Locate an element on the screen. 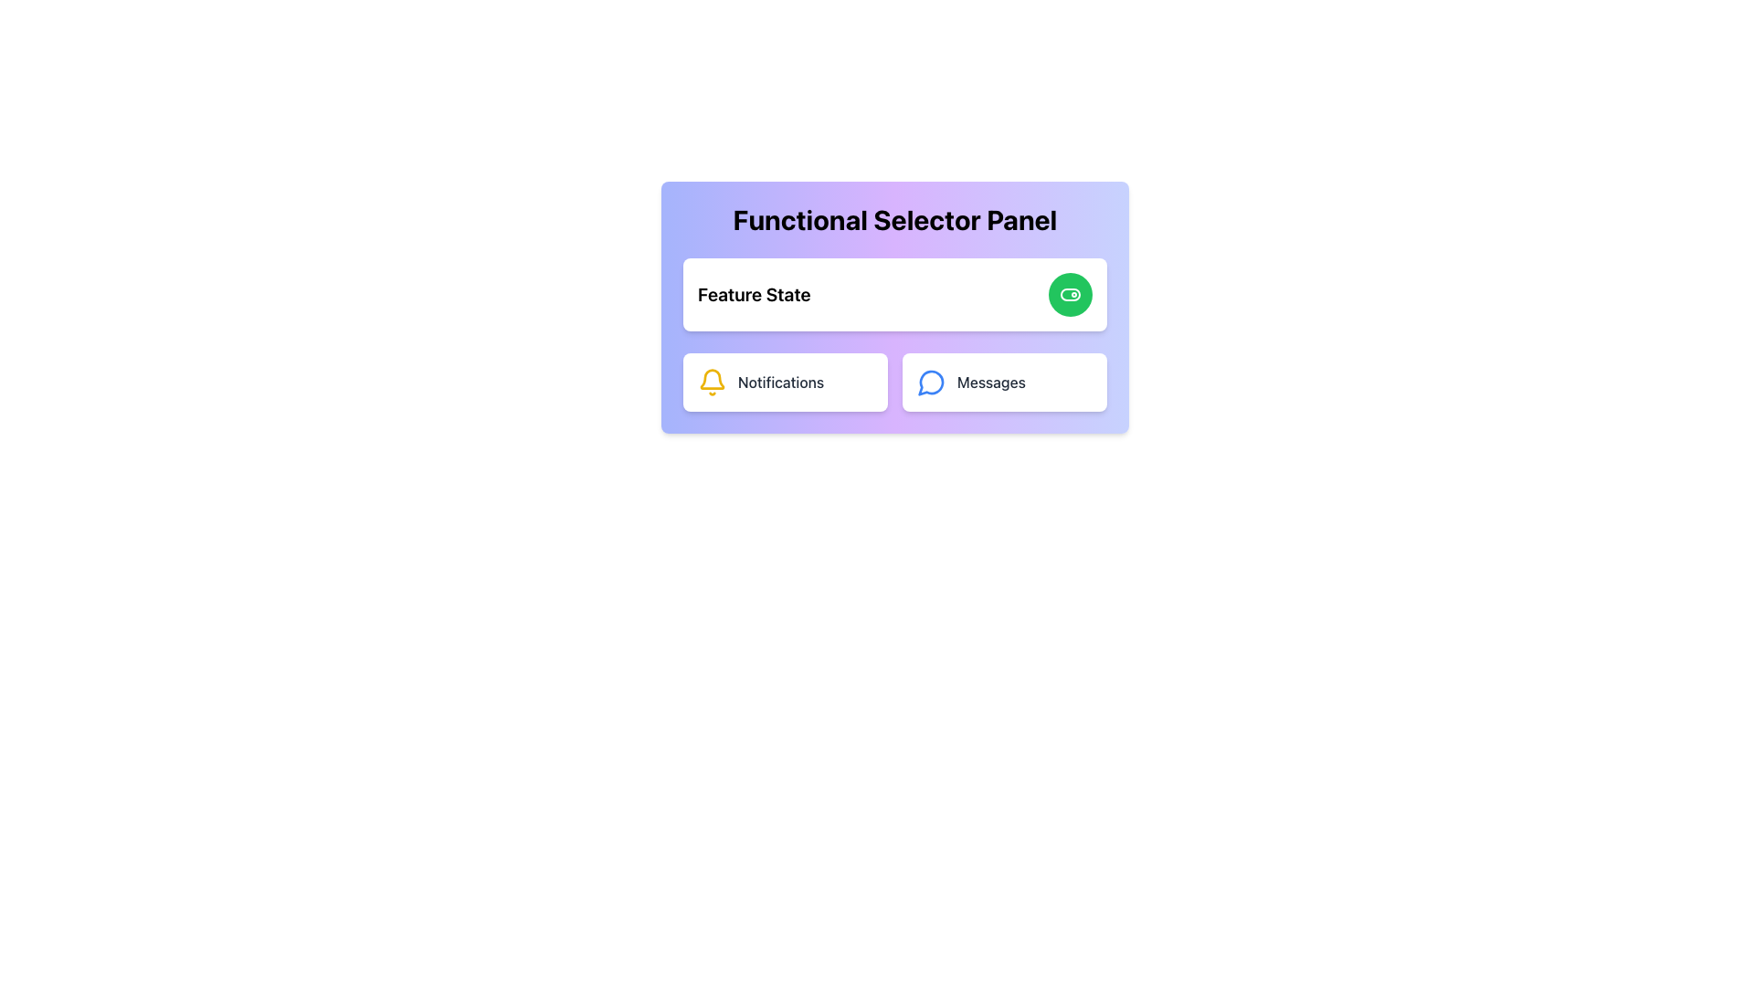 Image resolution: width=1754 pixels, height=986 pixels. the Text Label that serves as a heading for the adjacent green circular button, providing context about its functionality is located at coordinates (754, 294).